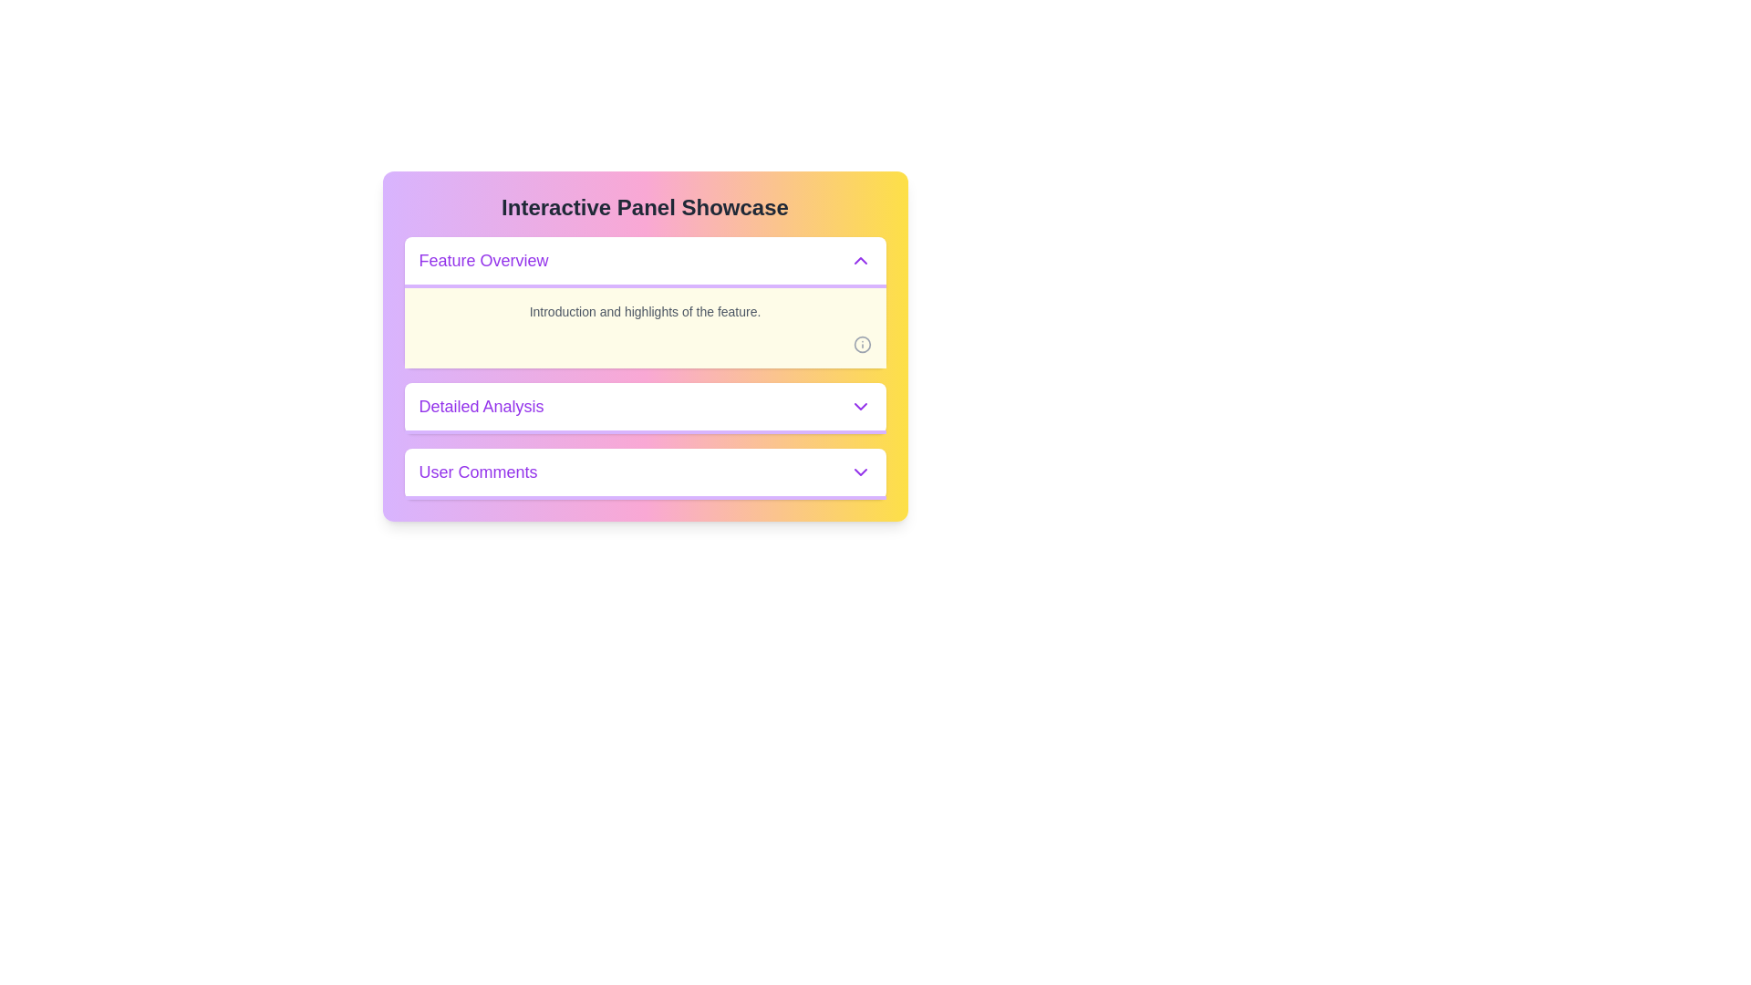  What do you see at coordinates (859, 406) in the screenshot?
I see `the arrow icon located to the right of the 'Detailed Analysis' text` at bounding box center [859, 406].